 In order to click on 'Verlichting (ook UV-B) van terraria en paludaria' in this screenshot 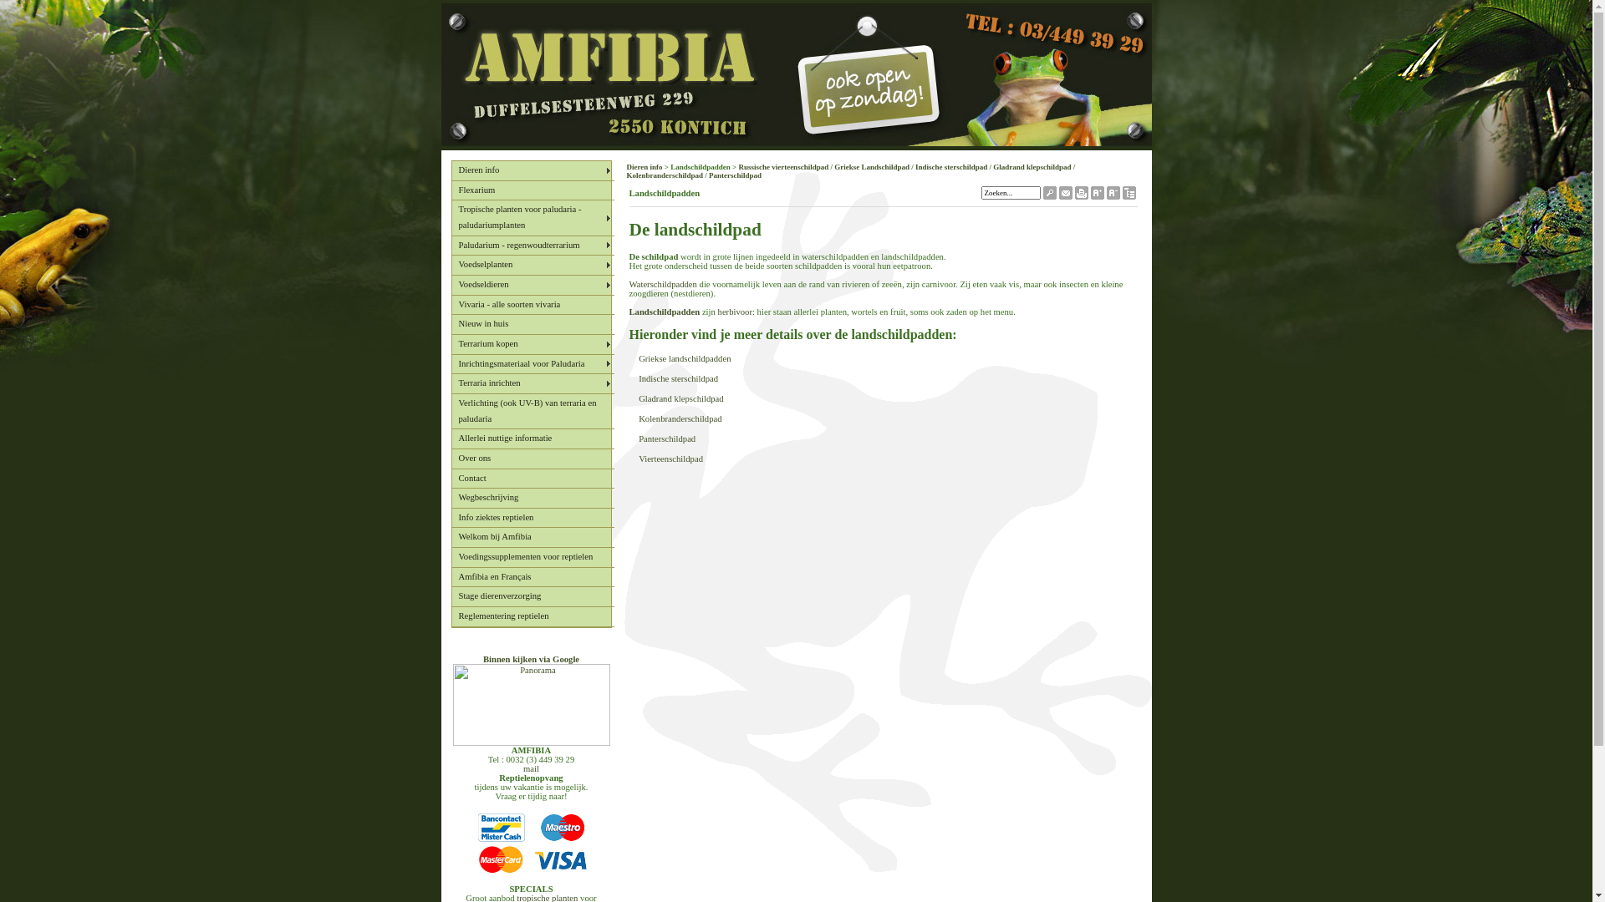, I will do `click(532, 412)`.